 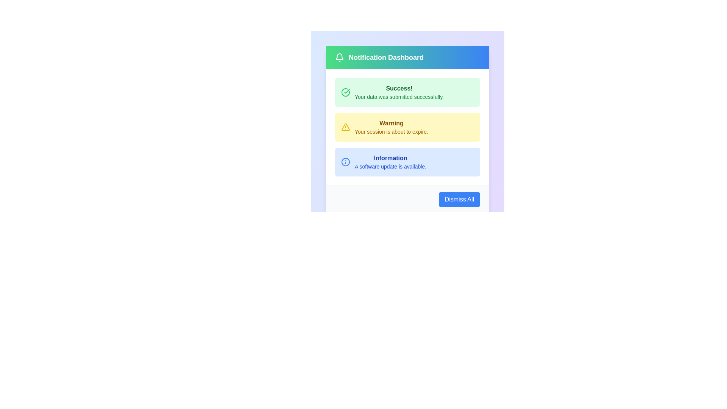 What do you see at coordinates (407, 126) in the screenshot?
I see `warning message from the notification box that has a yellow background, contains an exclamation icon, and displays the text 'Warning' followed by 'Your session is about to expire.'` at bounding box center [407, 126].